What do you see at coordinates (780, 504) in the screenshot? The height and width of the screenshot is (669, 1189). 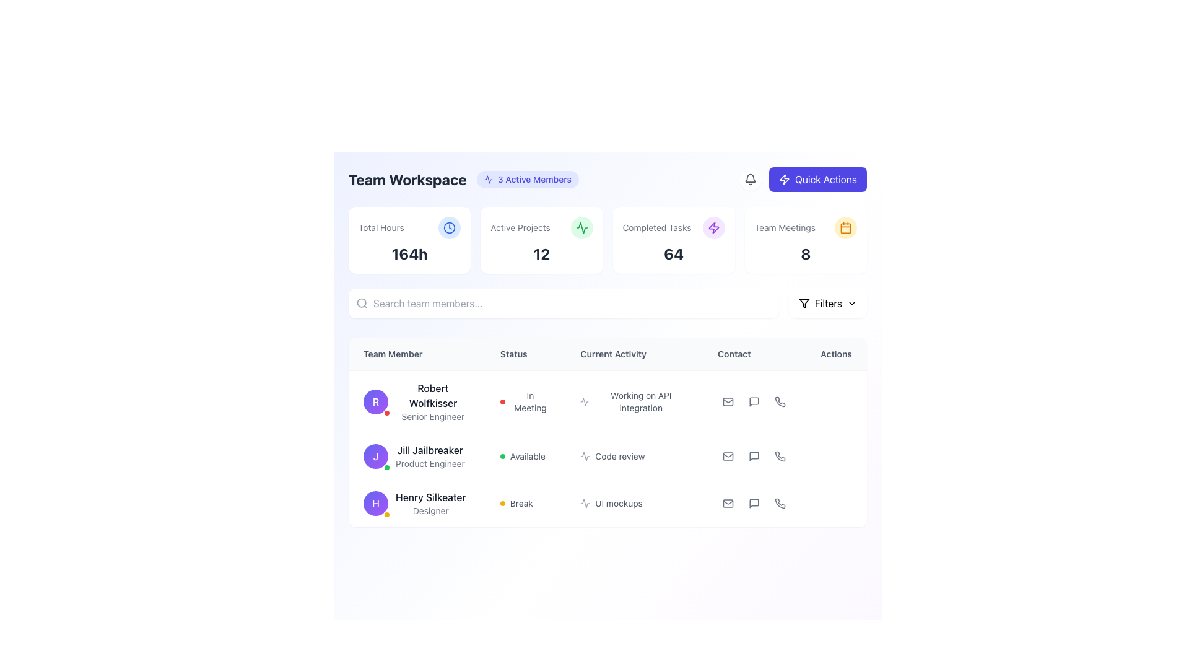 I see `the button with an icon for initiating a phone call located in the 'Actions' column of the last row in a table` at bounding box center [780, 504].